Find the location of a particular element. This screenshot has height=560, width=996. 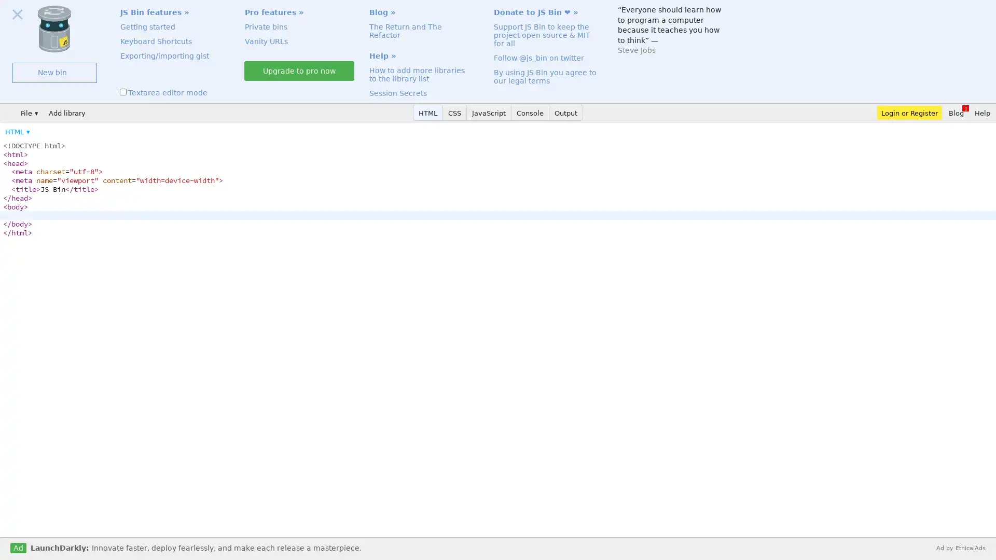

JavaScript Panel: Inactive is located at coordinates (488, 113).